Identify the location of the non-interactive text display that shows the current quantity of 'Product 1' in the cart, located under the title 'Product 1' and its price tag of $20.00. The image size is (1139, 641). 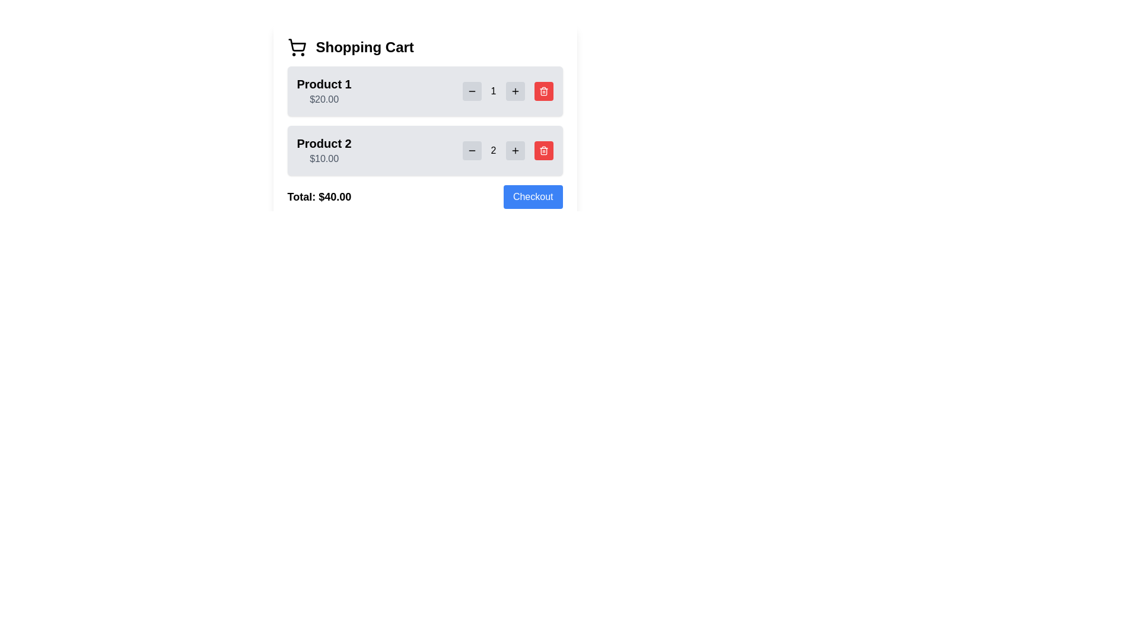
(508, 91).